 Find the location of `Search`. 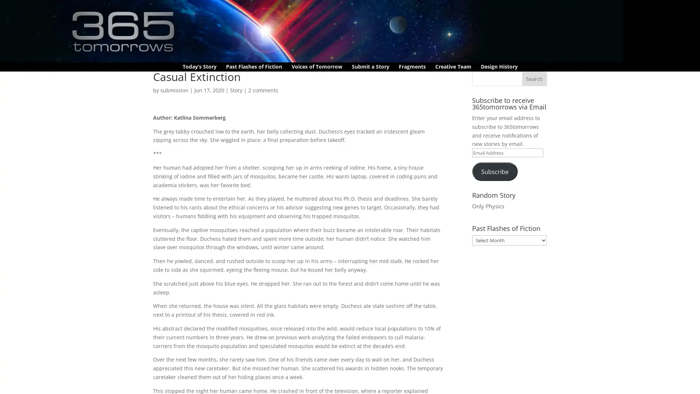

Search is located at coordinates (534, 100).